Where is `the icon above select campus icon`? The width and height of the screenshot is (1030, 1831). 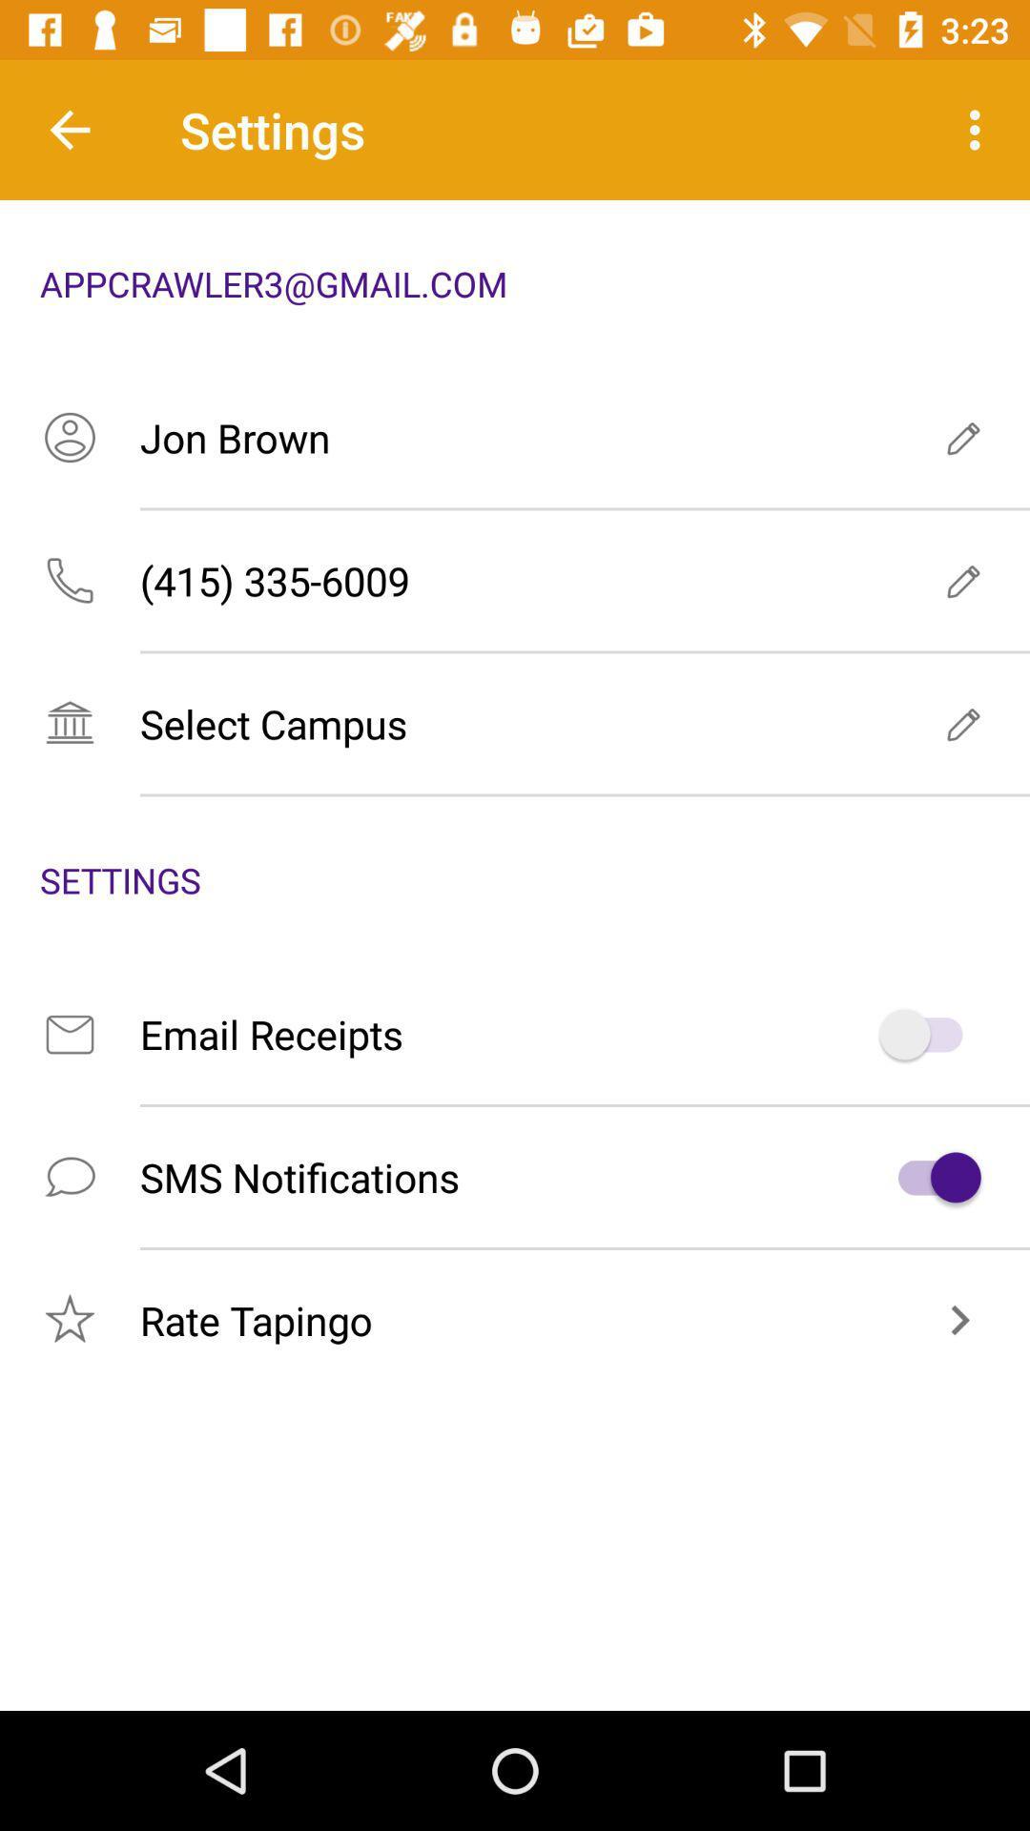
the icon above select campus icon is located at coordinates (515, 580).